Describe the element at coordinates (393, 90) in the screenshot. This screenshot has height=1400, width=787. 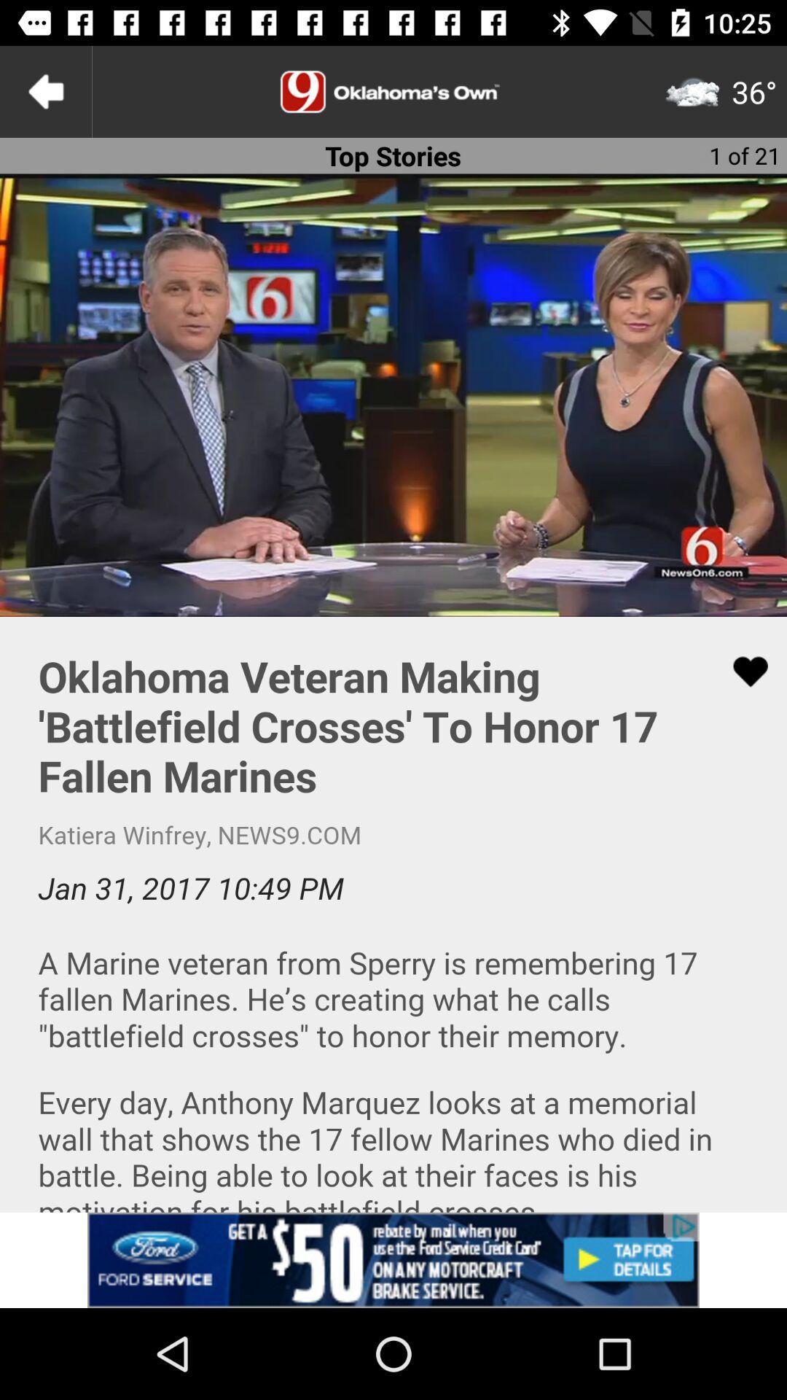
I see `advertisement` at that location.